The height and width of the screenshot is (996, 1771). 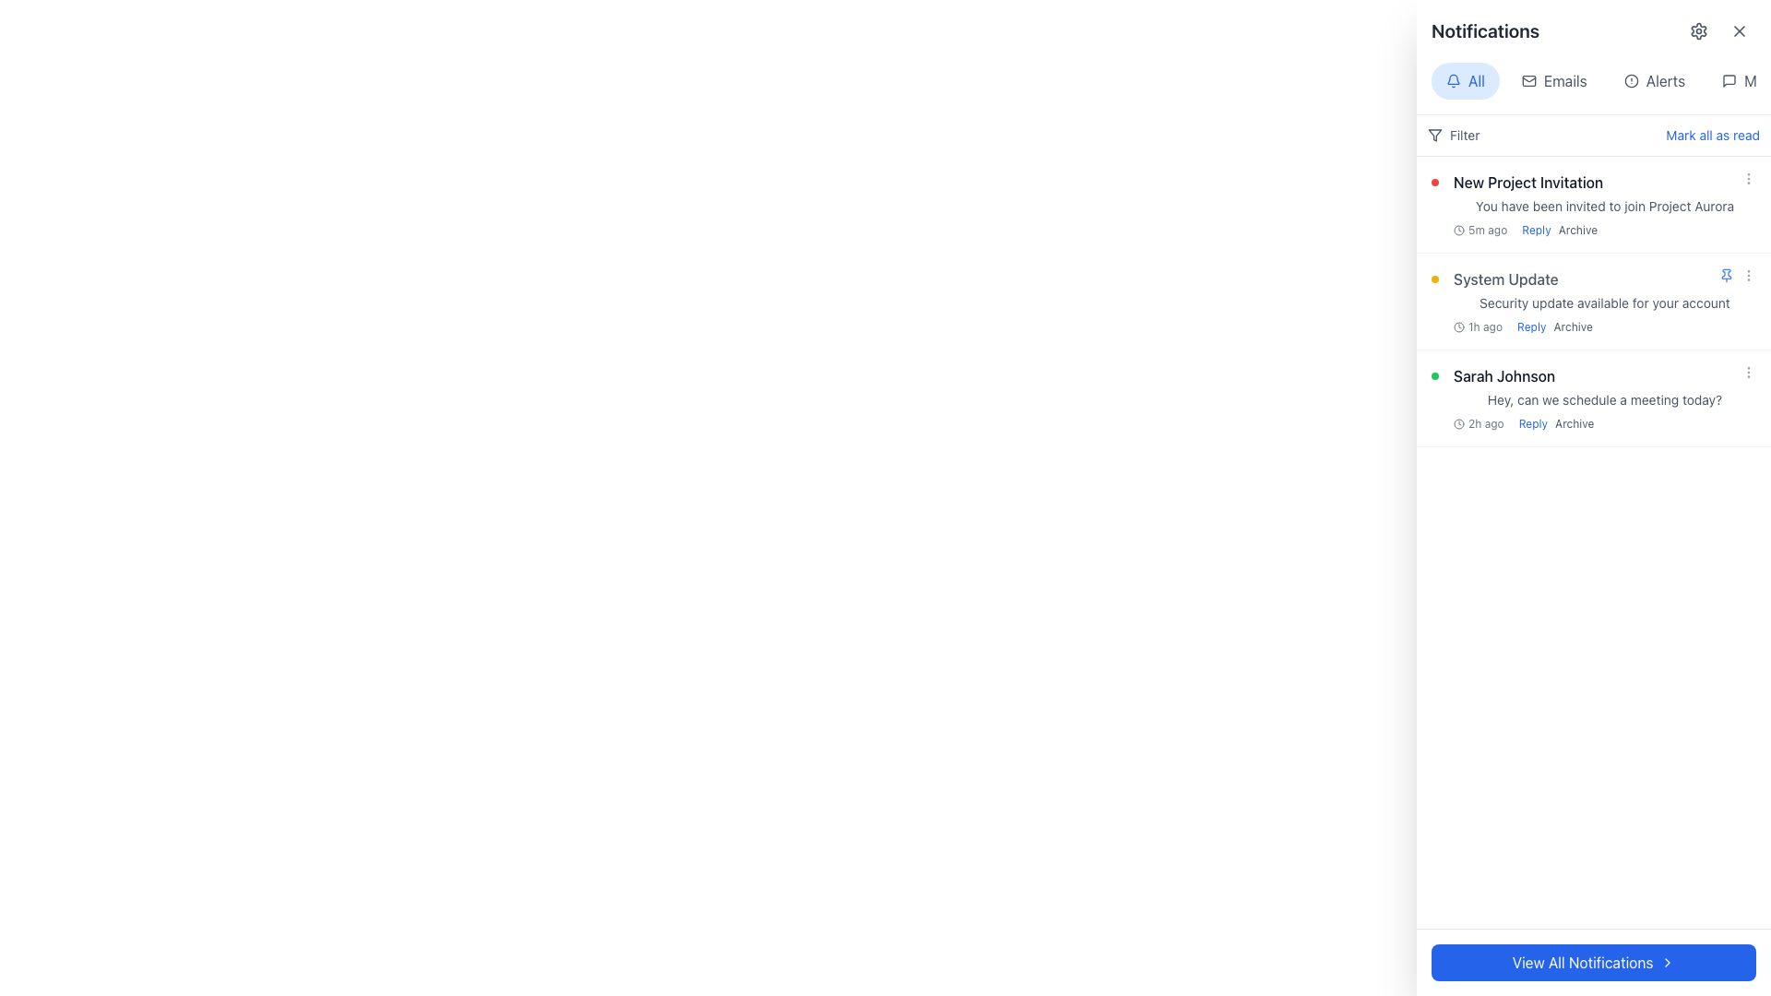 What do you see at coordinates (1458, 230) in the screenshot?
I see `the timestamp icon located to the left of the '5m ago' text in the 'New Project Invitation' notification in the right panel of the interface` at bounding box center [1458, 230].